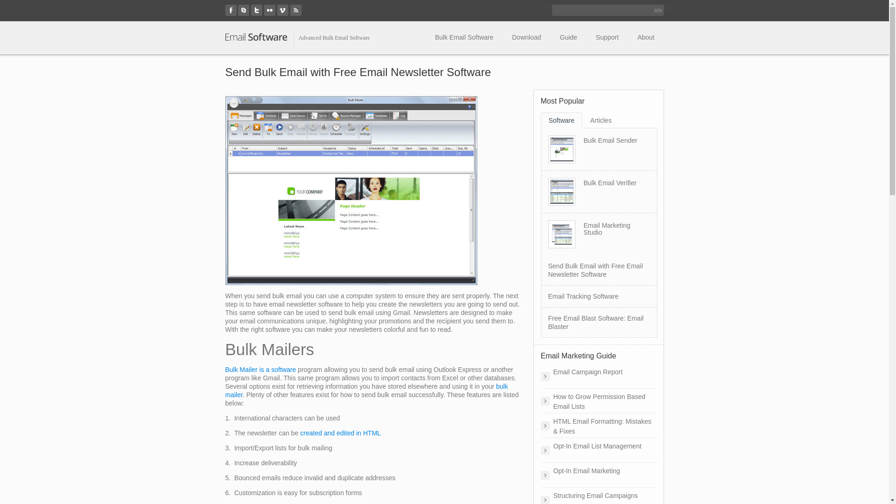 Image resolution: width=896 pixels, height=504 pixels. What do you see at coordinates (658, 10) in the screenshot?
I see `'sisea.search'` at bounding box center [658, 10].